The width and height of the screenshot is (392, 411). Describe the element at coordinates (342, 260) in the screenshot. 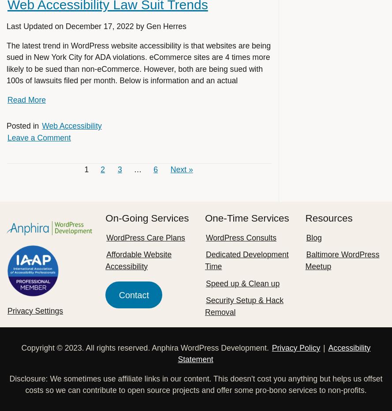

I see `'Baltimore WordPress Meetup'` at that location.